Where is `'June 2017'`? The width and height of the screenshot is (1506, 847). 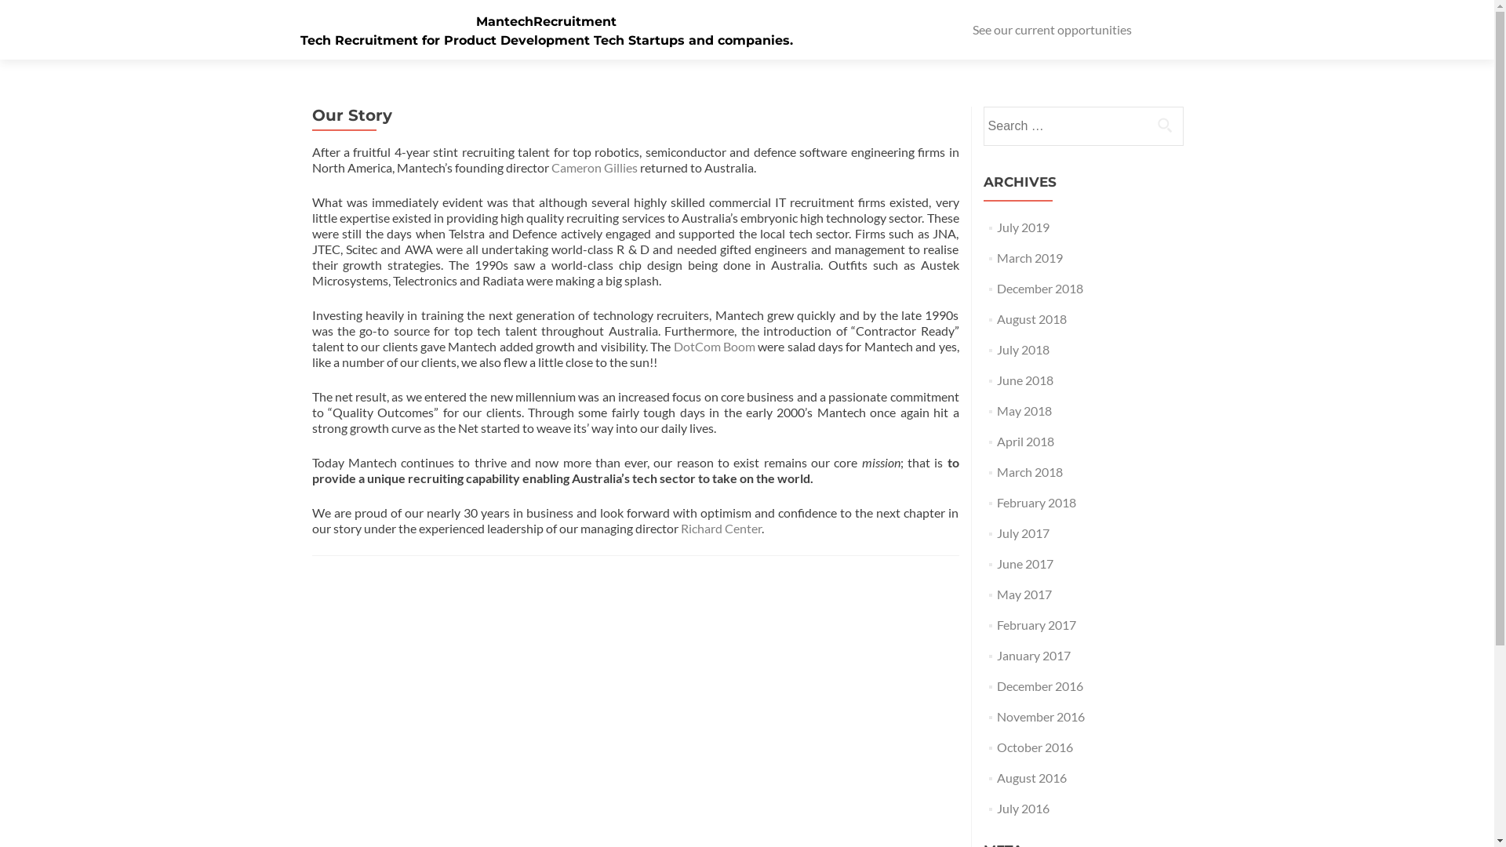 'June 2017' is located at coordinates (1024, 562).